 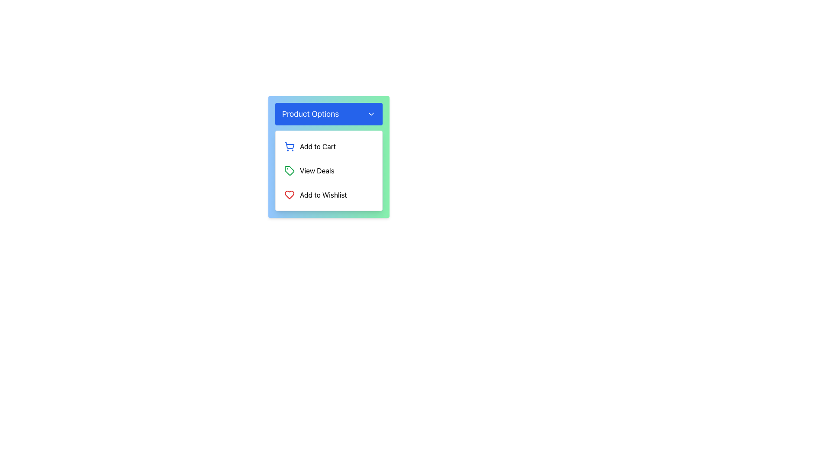 What do you see at coordinates (289, 146) in the screenshot?
I see `the 'Add to Cart' icon located in the first row of the 'Product Options' dropdown menu, positioned to the left of the text label` at bounding box center [289, 146].